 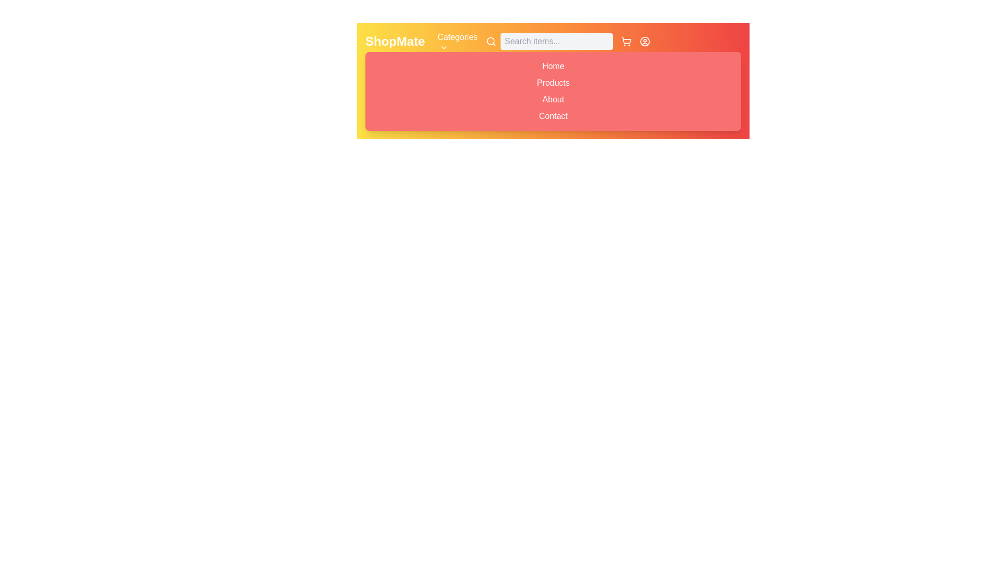 What do you see at coordinates (548, 41) in the screenshot?
I see `the search bar input field located at the center of the top navigation bar` at bounding box center [548, 41].